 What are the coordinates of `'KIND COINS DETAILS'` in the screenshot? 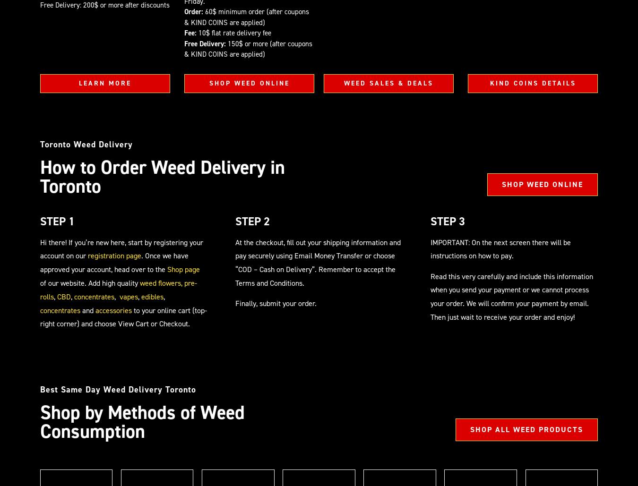 It's located at (489, 83).